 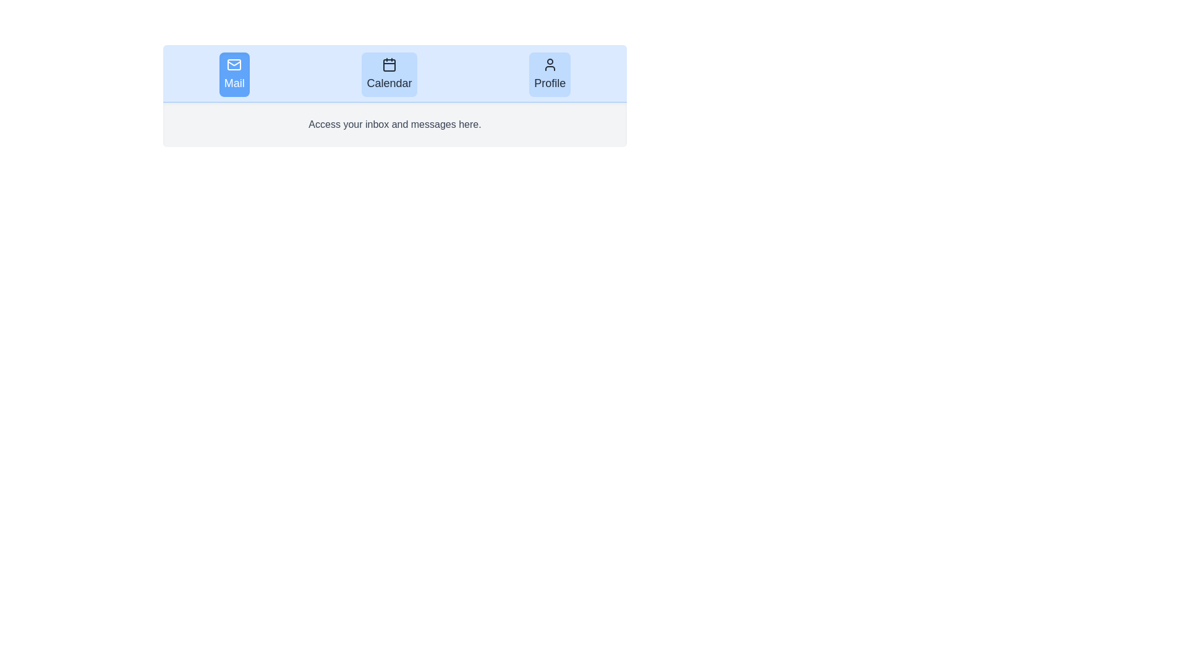 I want to click on the tab corresponding to Mail to view its content, so click(x=234, y=74).